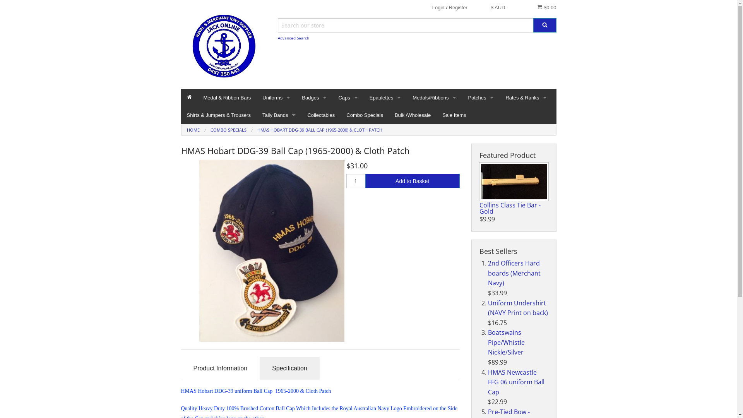 The width and height of the screenshot is (743, 418). What do you see at coordinates (279, 142) in the screenshot?
I see `'Current RAN Tally Bands'` at bounding box center [279, 142].